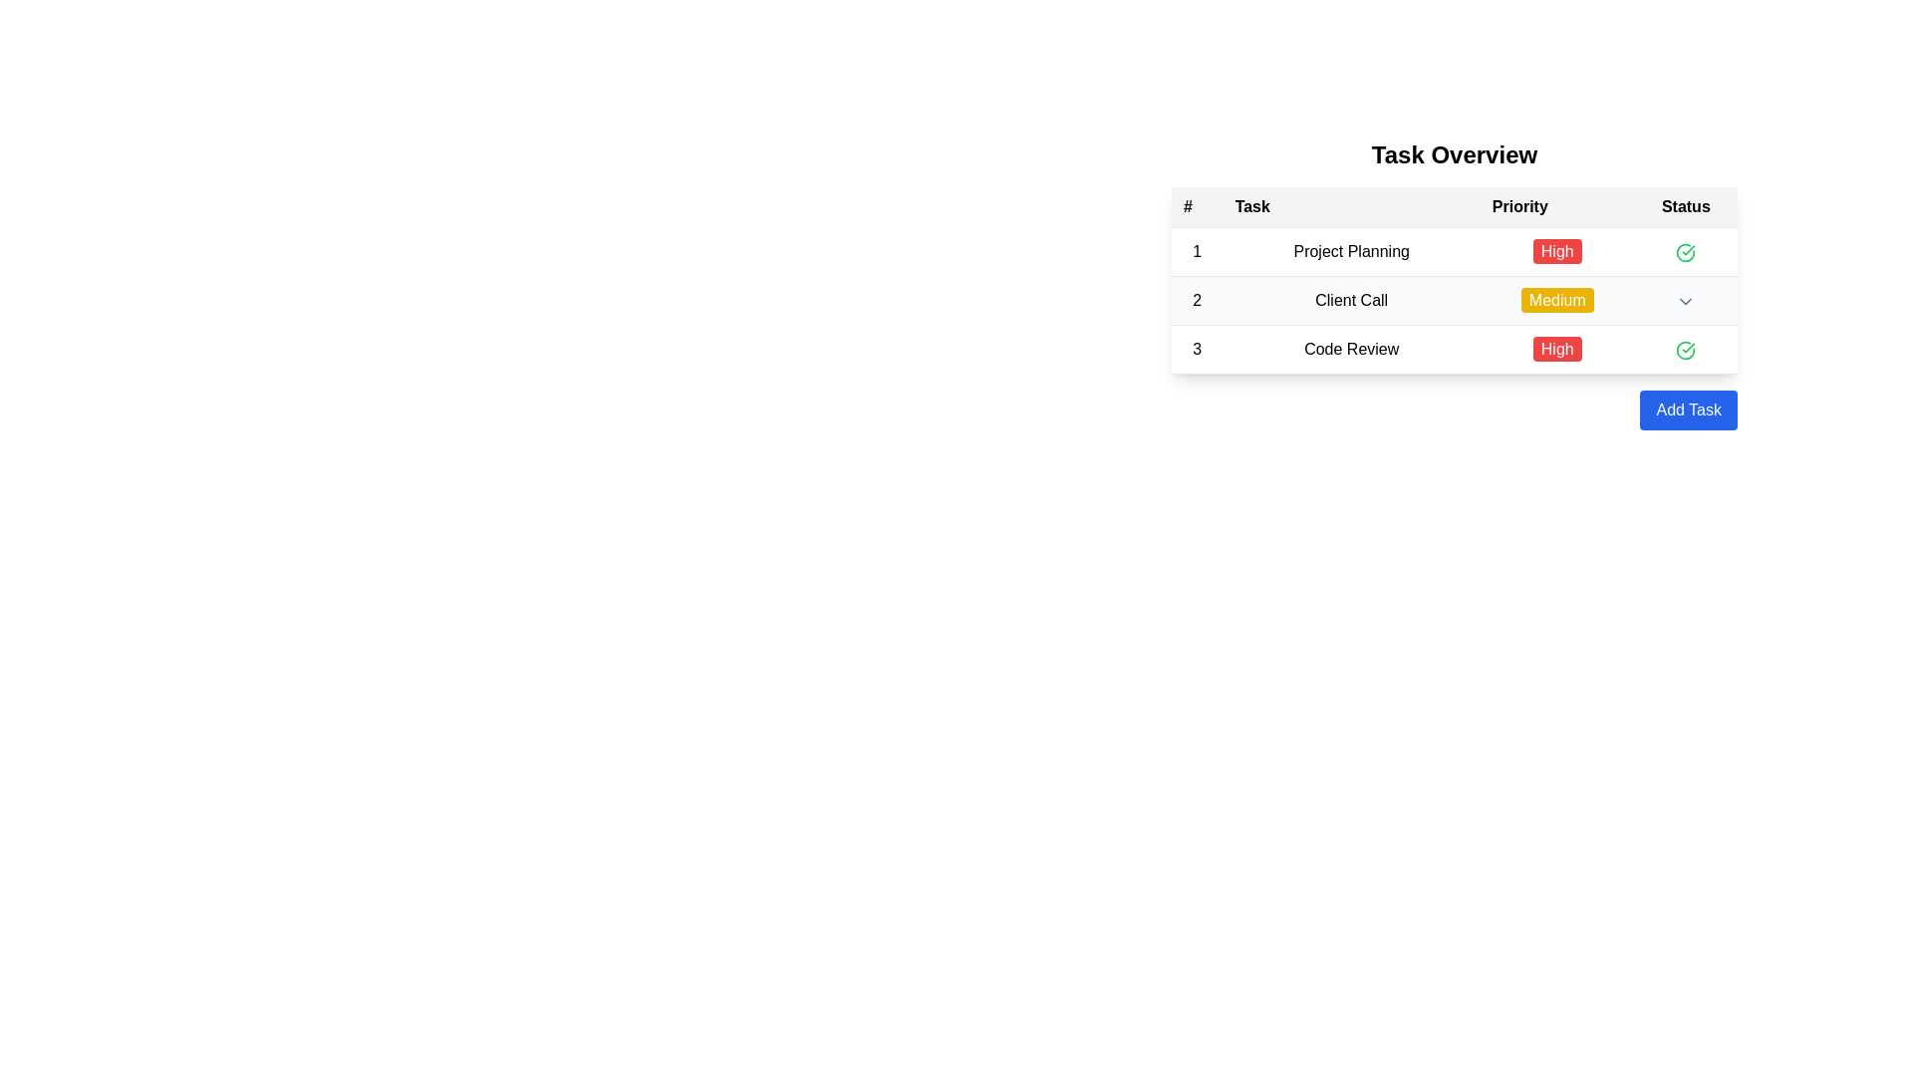 Image resolution: width=1913 pixels, height=1076 pixels. Describe the element at coordinates (1685, 300) in the screenshot. I see `the chevron dropdown indicator in the last cell of the second row of the 'Task Overview' table by` at that location.